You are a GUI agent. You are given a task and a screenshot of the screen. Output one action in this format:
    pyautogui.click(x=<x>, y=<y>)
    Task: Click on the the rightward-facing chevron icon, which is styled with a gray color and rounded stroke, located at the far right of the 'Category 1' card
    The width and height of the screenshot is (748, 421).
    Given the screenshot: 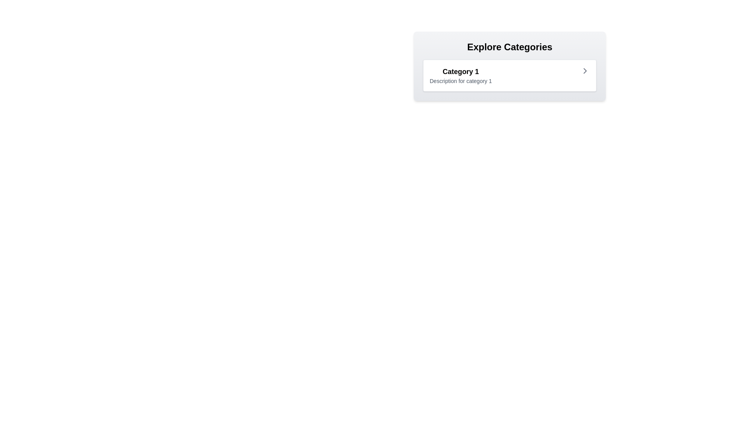 What is the action you would take?
    pyautogui.click(x=585, y=71)
    